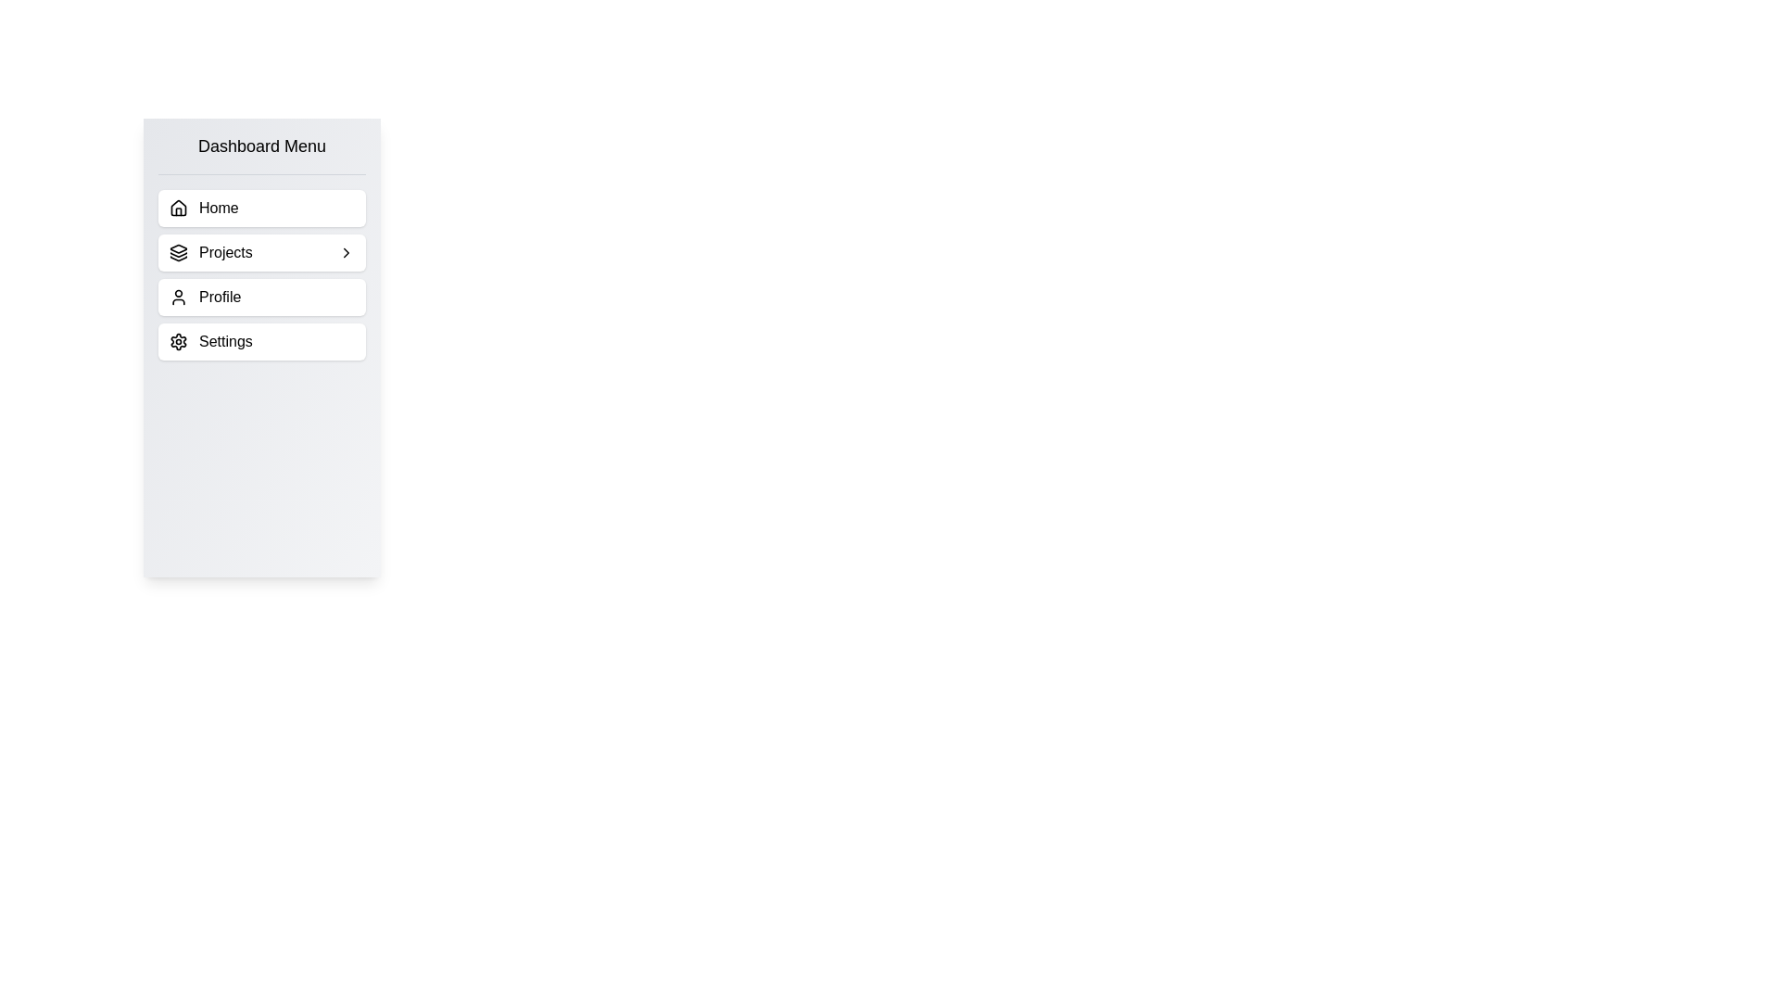 This screenshot has height=1001, width=1779. Describe the element at coordinates (178, 342) in the screenshot. I see `the 'Settings' icon` at that location.